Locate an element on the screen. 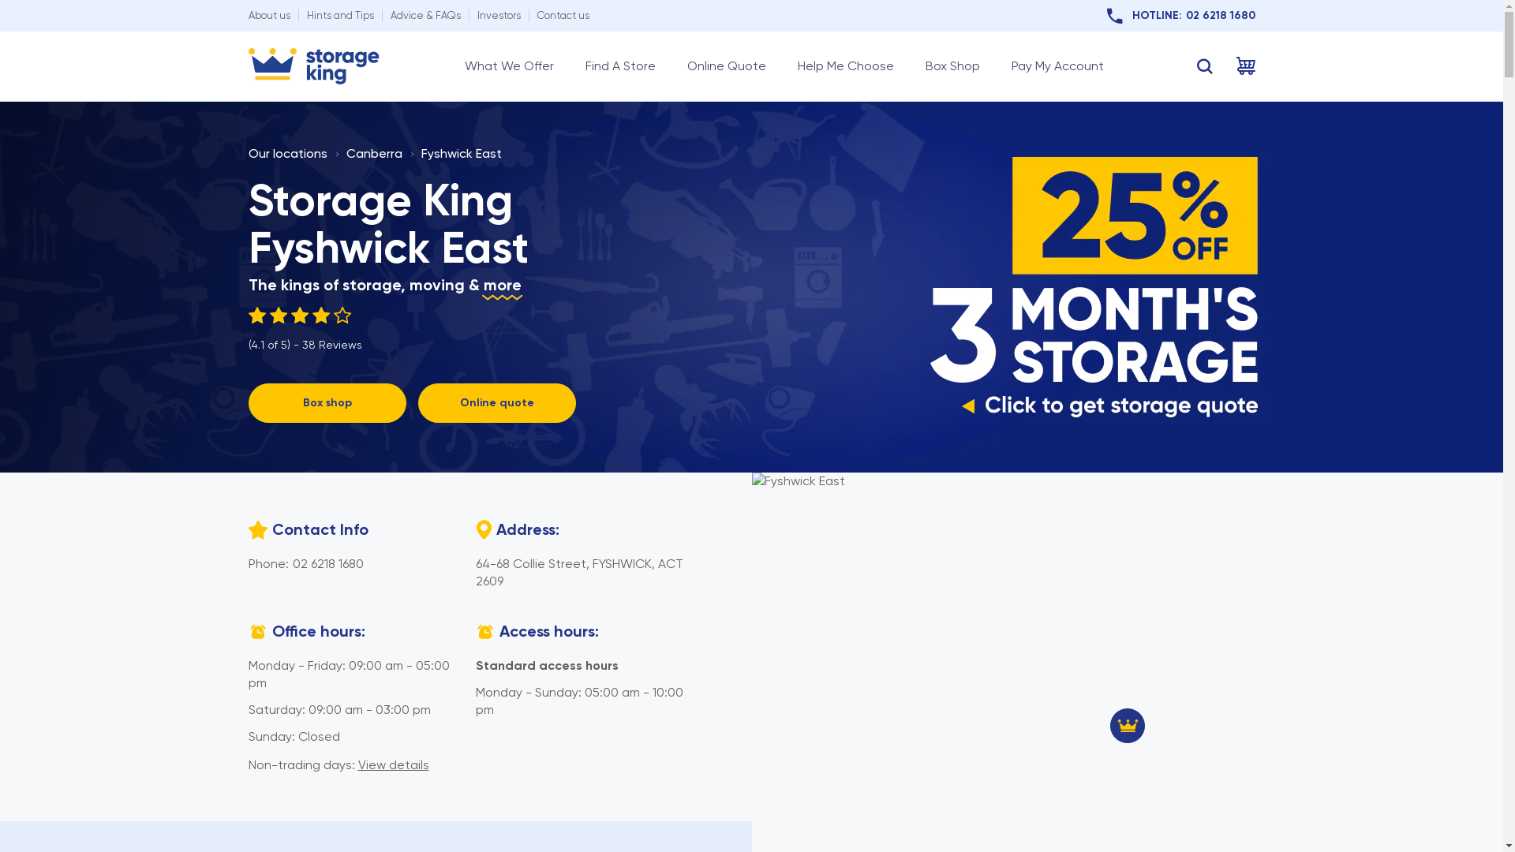 This screenshot has height=852, width=1515. 'Box shop' is located at coordinates (246, 402).